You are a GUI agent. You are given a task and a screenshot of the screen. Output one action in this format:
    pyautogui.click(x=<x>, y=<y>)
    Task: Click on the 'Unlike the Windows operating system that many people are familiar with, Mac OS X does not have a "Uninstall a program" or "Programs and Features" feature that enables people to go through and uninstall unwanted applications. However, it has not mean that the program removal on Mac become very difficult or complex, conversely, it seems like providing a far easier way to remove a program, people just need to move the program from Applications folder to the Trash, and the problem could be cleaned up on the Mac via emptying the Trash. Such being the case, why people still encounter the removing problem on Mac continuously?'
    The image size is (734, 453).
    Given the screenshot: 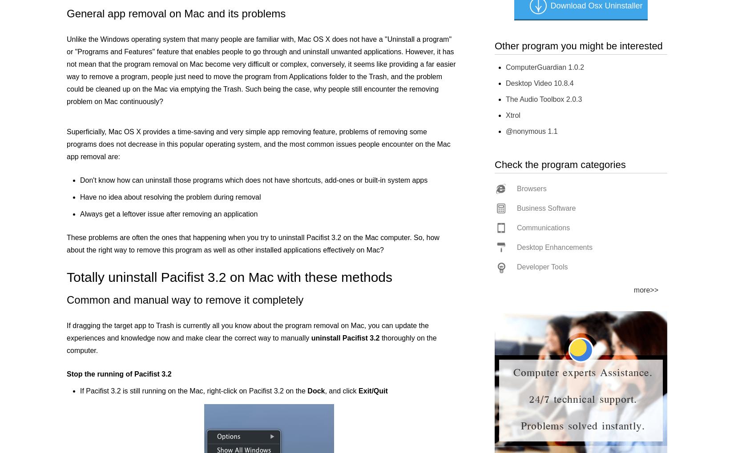 What is the action you would take?
    pyautogui.click(x=261, y=70)
    